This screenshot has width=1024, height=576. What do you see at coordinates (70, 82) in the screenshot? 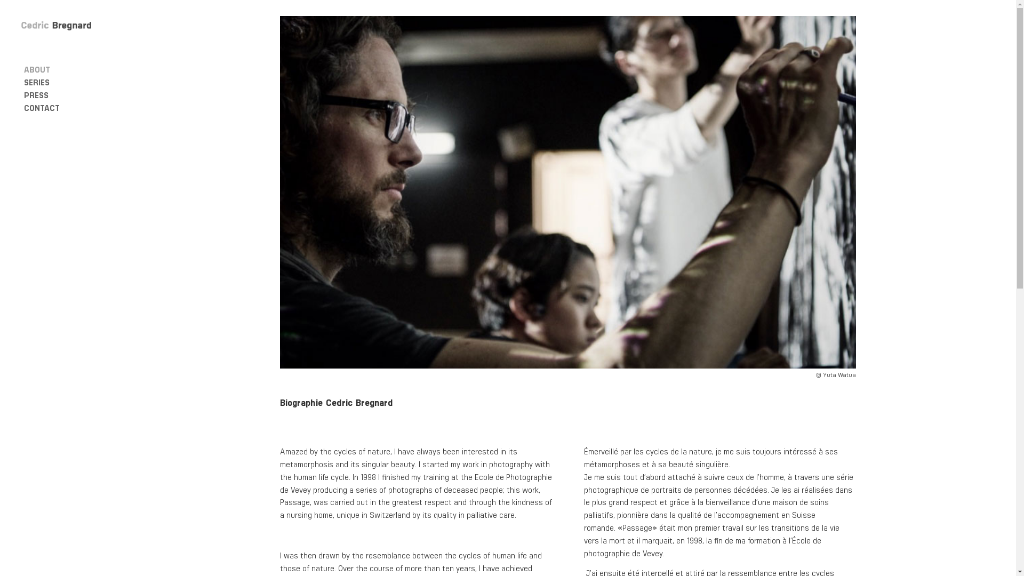
I see `'SERIES'` at bounding box center [70, 82].